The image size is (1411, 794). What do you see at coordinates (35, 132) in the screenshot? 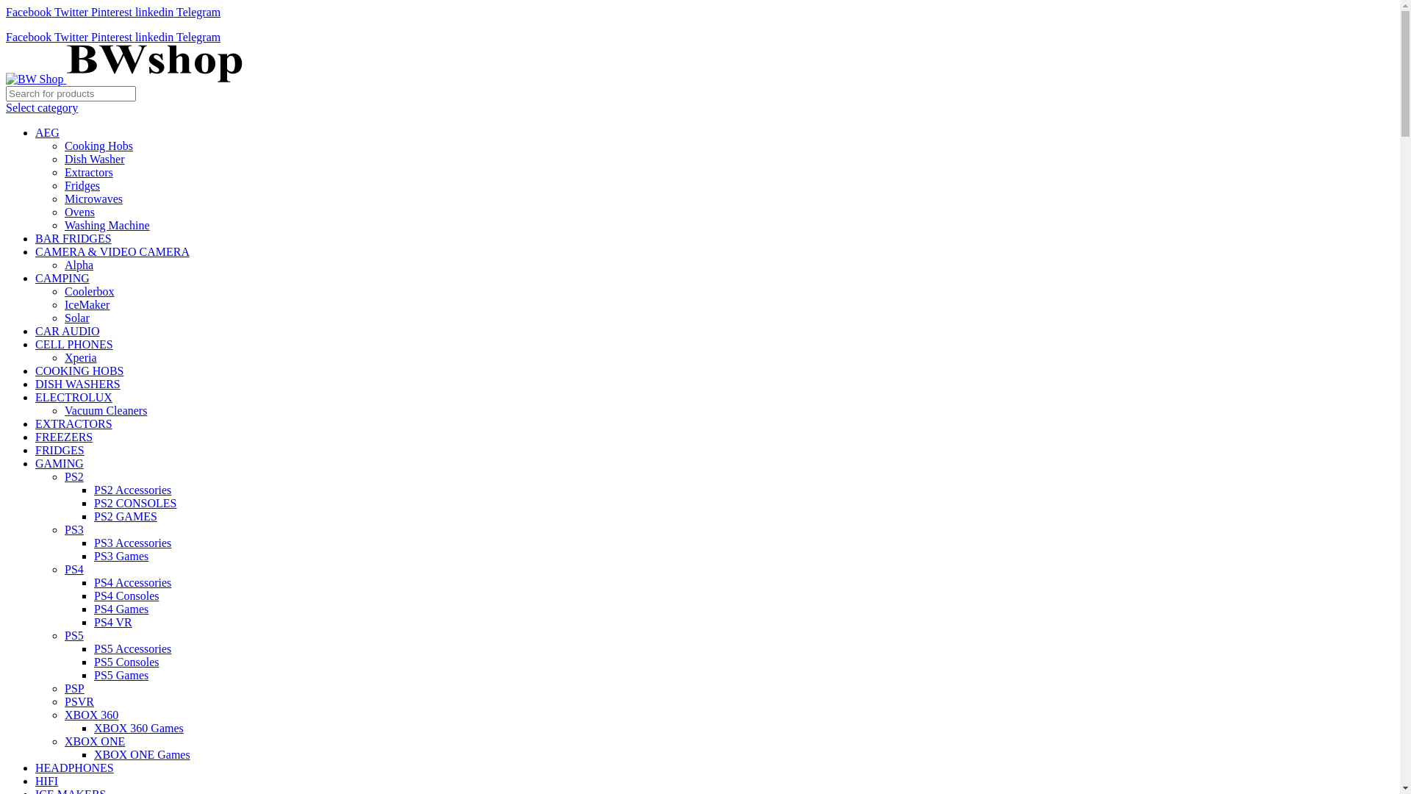
I see `'AEG'` at bounding box center [35, 132].